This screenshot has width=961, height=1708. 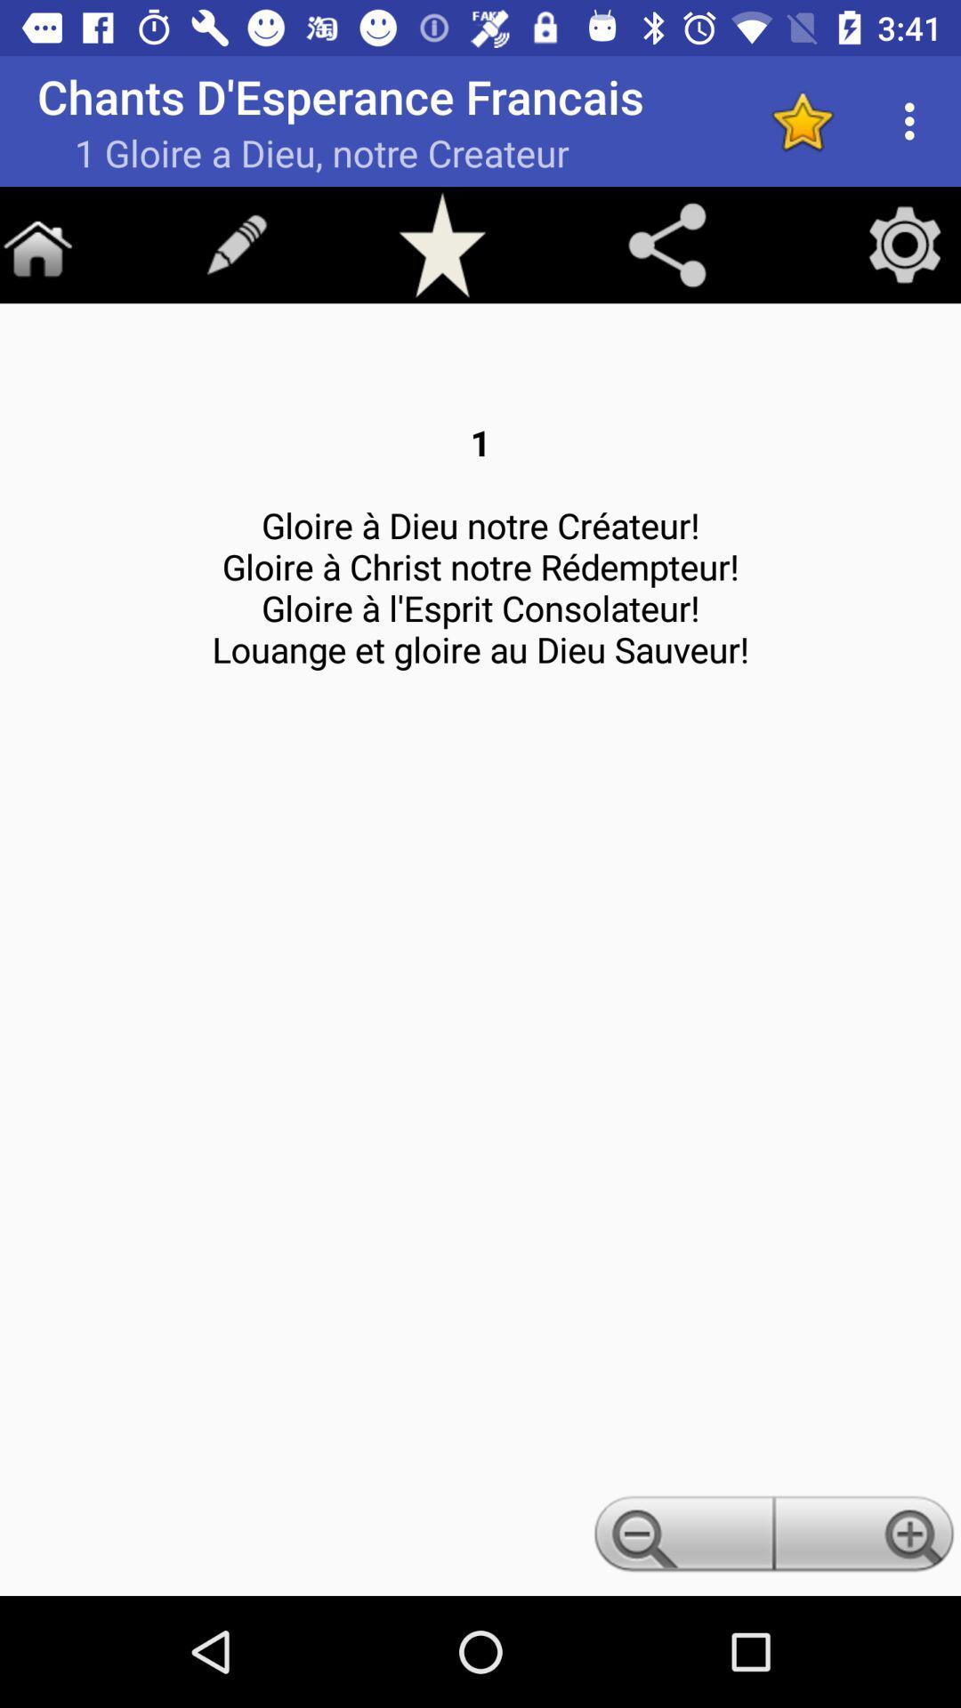 I want to click on go home, so click(x=37, y=244).